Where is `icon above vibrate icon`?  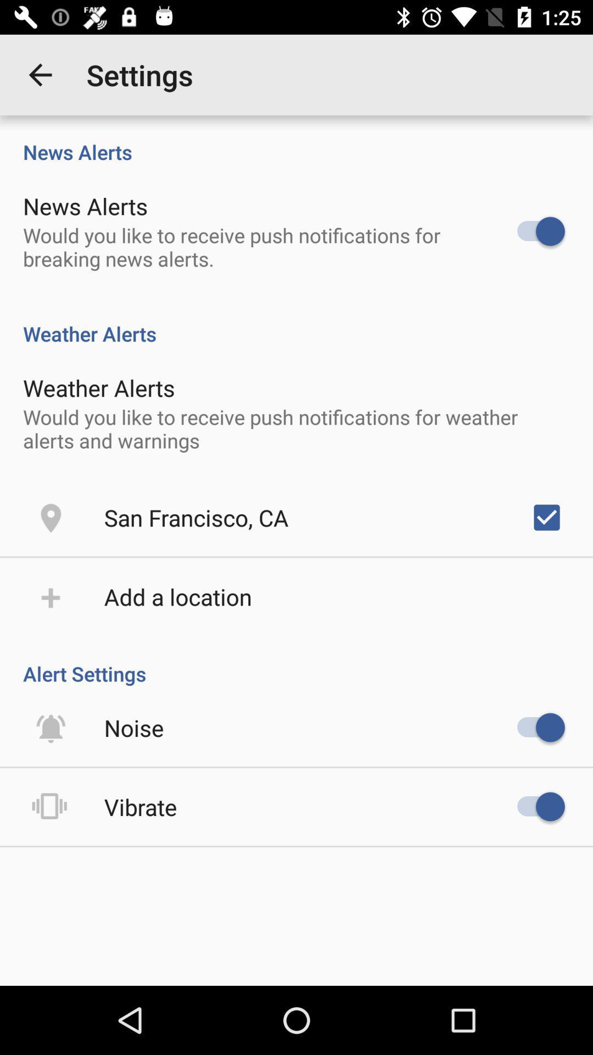
icon above vibrate icon is located at coordinates (133, 728).